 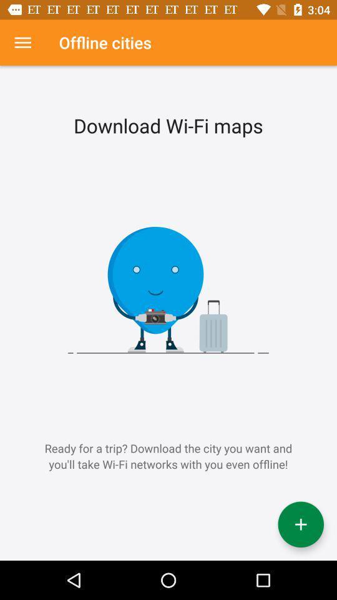 What do you see at coordinates (22, 42) in the screenshot?
I see `settings option` at bounding box center [22, 42].